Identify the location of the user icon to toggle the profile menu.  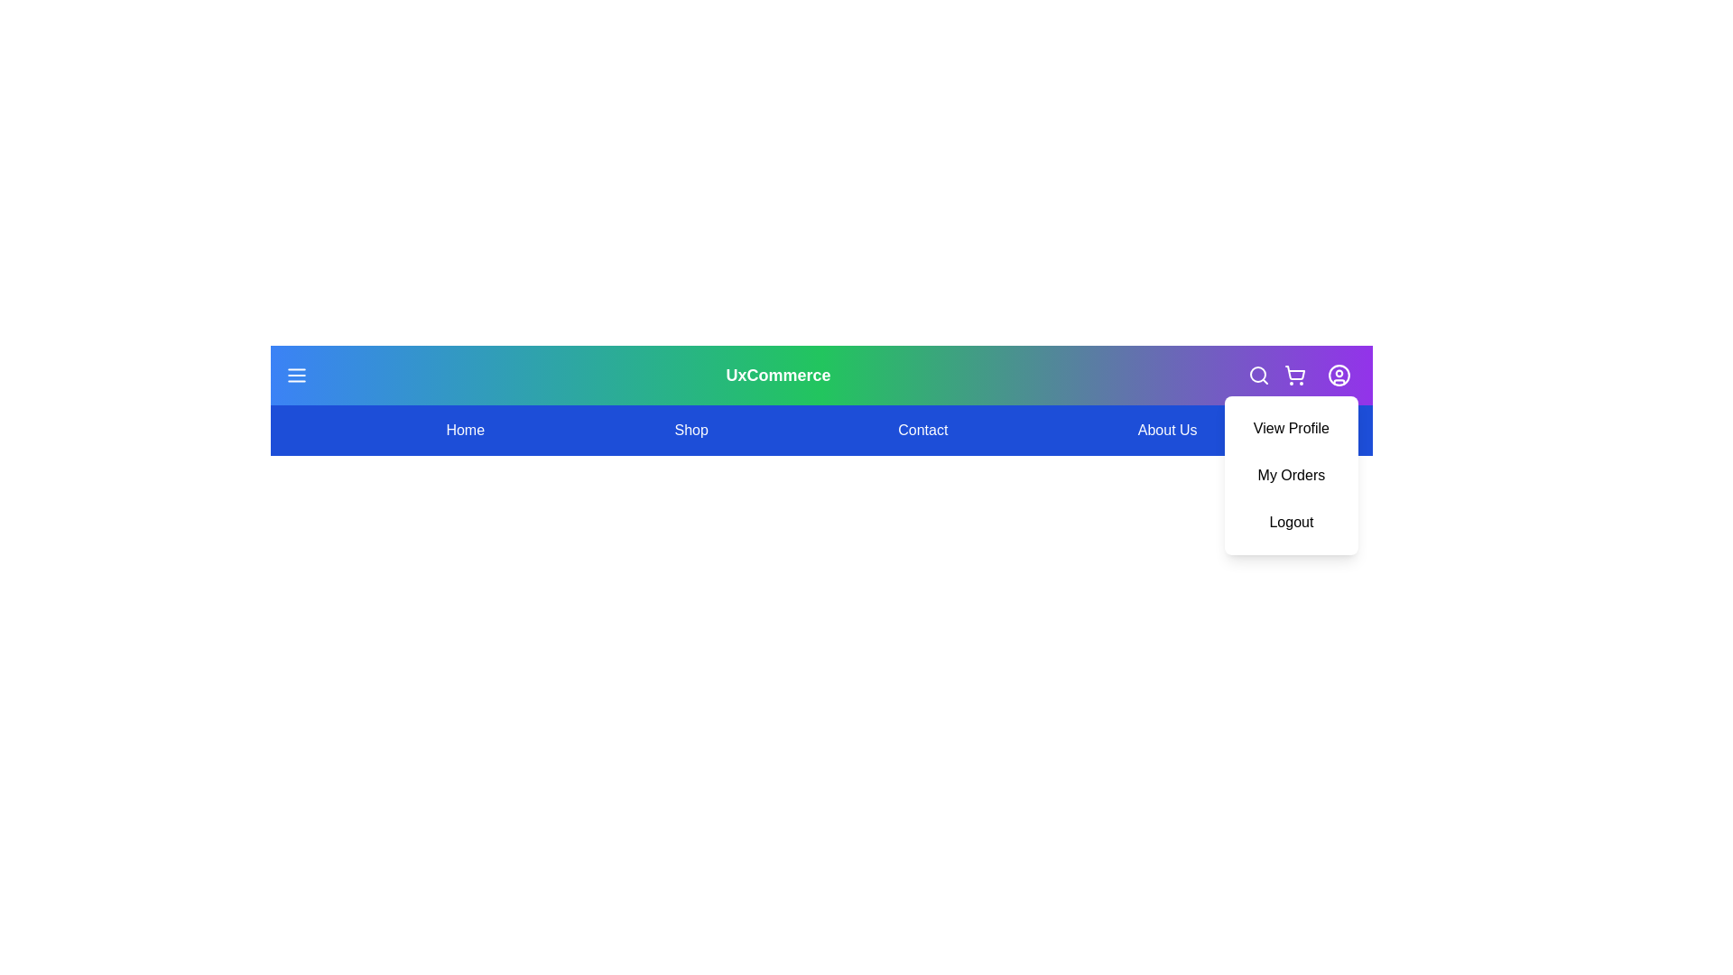
(1339, 375).